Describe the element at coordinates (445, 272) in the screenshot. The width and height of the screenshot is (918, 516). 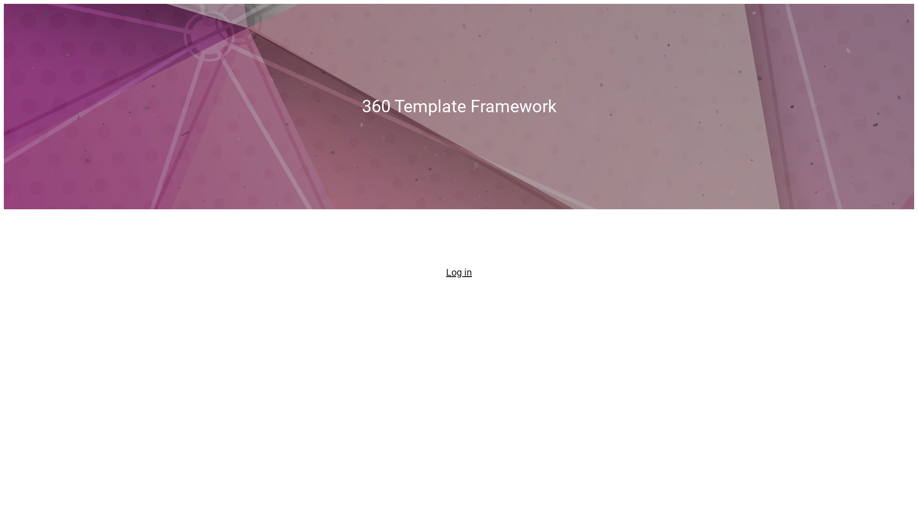
I see `'Log in'` at that location.